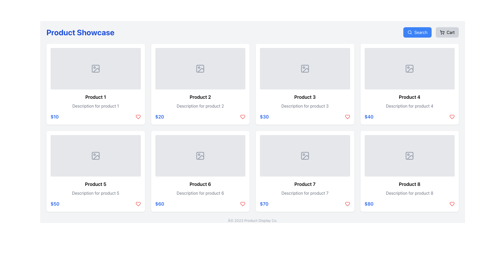 The width and height of the screenshot is (498, 280). I want to click on placeholder icon for unavailable image content located at the top of the 'Product 6' card in the product showcase grid, so click(200, 156).